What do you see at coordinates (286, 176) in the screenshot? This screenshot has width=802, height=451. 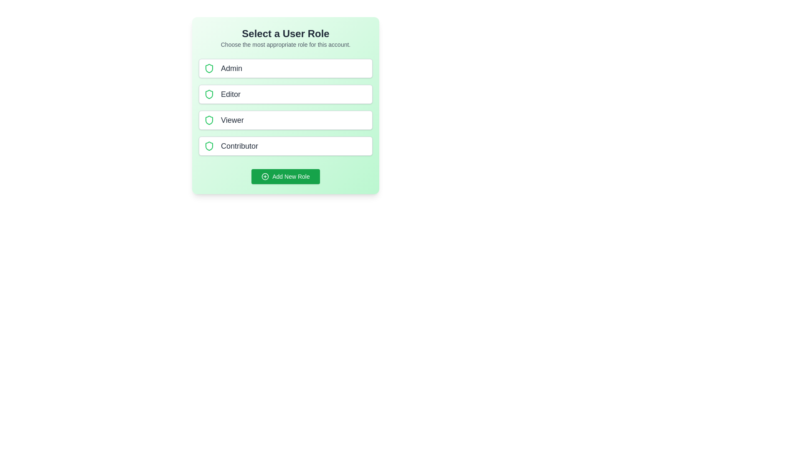 I see `the 'Add New Role' button` at bounding box center [286, 176].